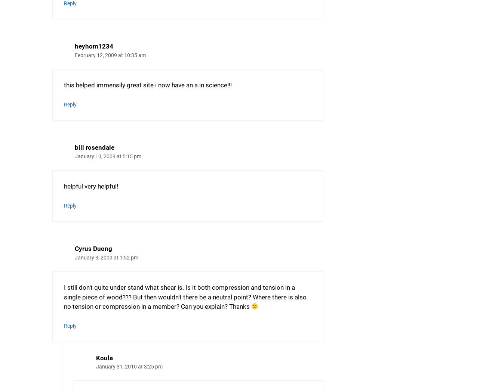  I want to click on 'I still don’t quite under stand what shear is. Is it both compression and tension in a single piece of wood??? But then wouldn’t there be a neutral point? Where there is also no tension or compression in a member? Can you explain? Thanks', so click(64, 296).